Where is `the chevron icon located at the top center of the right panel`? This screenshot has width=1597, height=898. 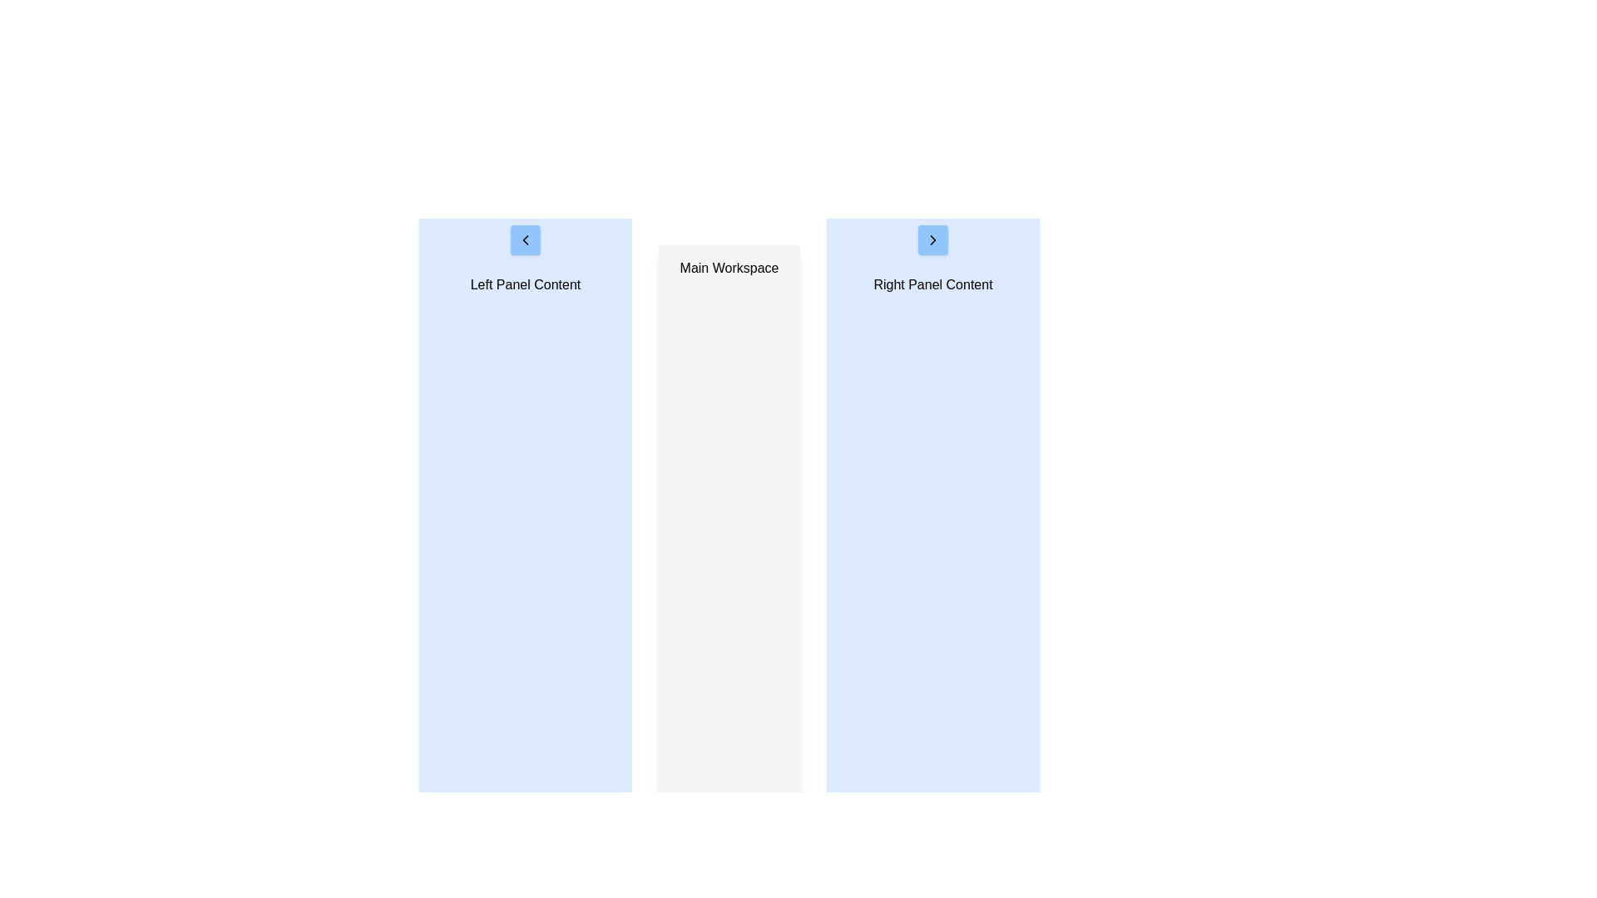
the chevron icon located at the top center of the right panel is located at coordinates (933, 240).